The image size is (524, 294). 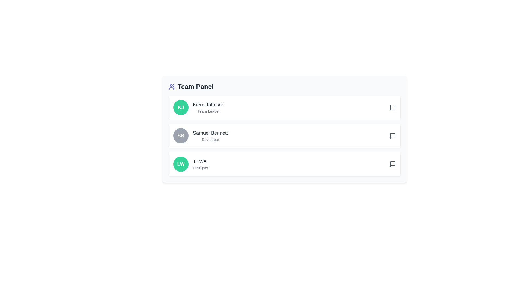 What do you see at coordinates (284, 135) in the screenshot?
I see `the card representing team member 'Samuel Bennett', a Developer, located in the vertical list of team member cards` at bounding box center [284, 135].